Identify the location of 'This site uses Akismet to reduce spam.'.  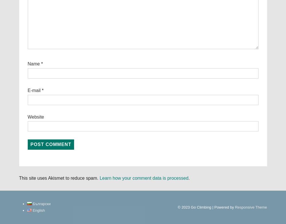
(59, 178).